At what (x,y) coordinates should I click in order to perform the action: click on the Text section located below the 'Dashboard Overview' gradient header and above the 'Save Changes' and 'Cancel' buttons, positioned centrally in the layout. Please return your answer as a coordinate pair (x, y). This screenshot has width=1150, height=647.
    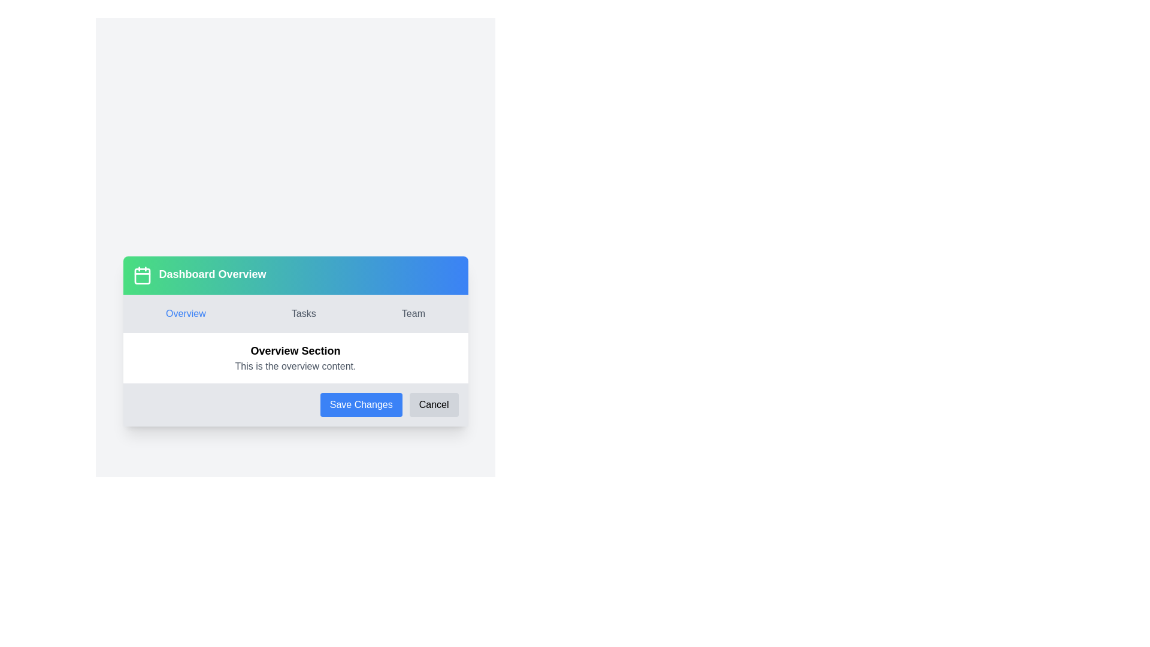
    Looking at the image, I should click on (295, 357).